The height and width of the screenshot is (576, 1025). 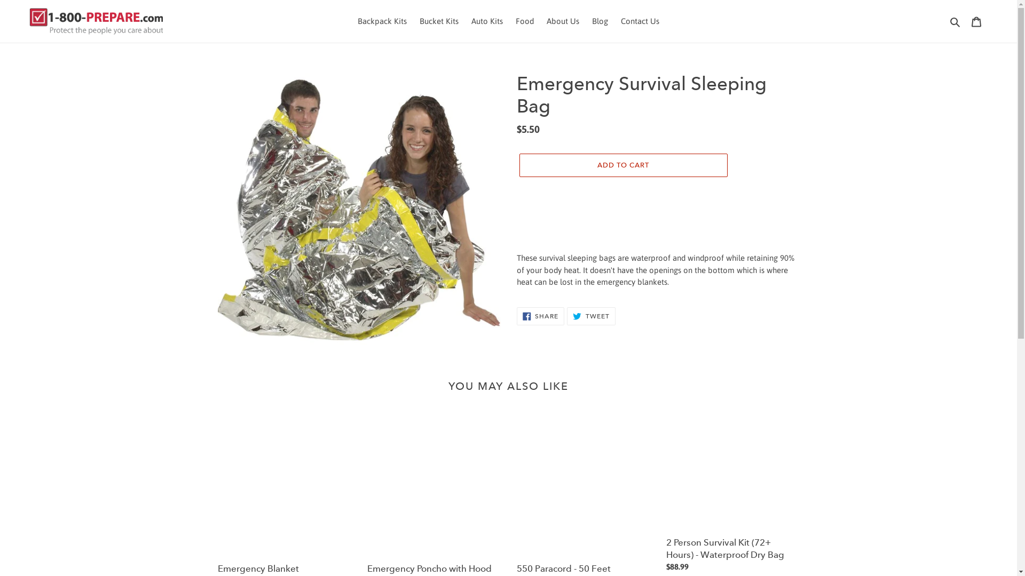 What do you see at coordinates (622, 165) in the screenshot?
I see `'ADD TO CART'` at bounding box center [622, 165].